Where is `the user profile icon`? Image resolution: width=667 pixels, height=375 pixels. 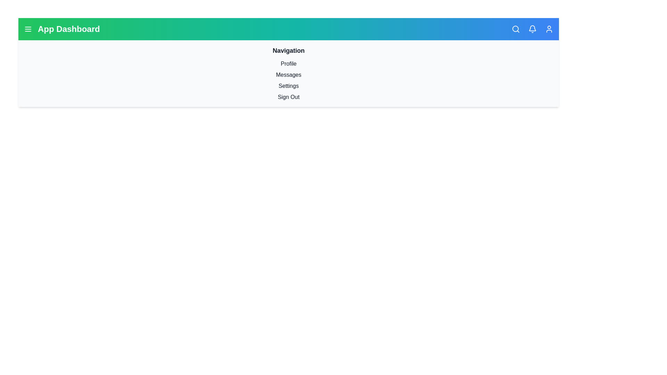 the user profile icon is located at coordinates (549, 29).